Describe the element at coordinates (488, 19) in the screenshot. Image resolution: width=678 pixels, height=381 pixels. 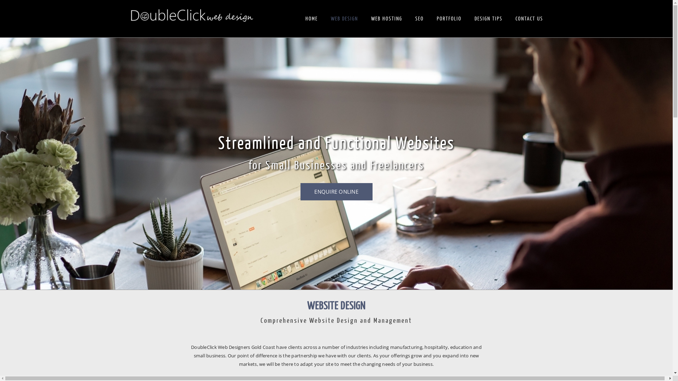
I see `'DESIGN TIPS'` at that location.